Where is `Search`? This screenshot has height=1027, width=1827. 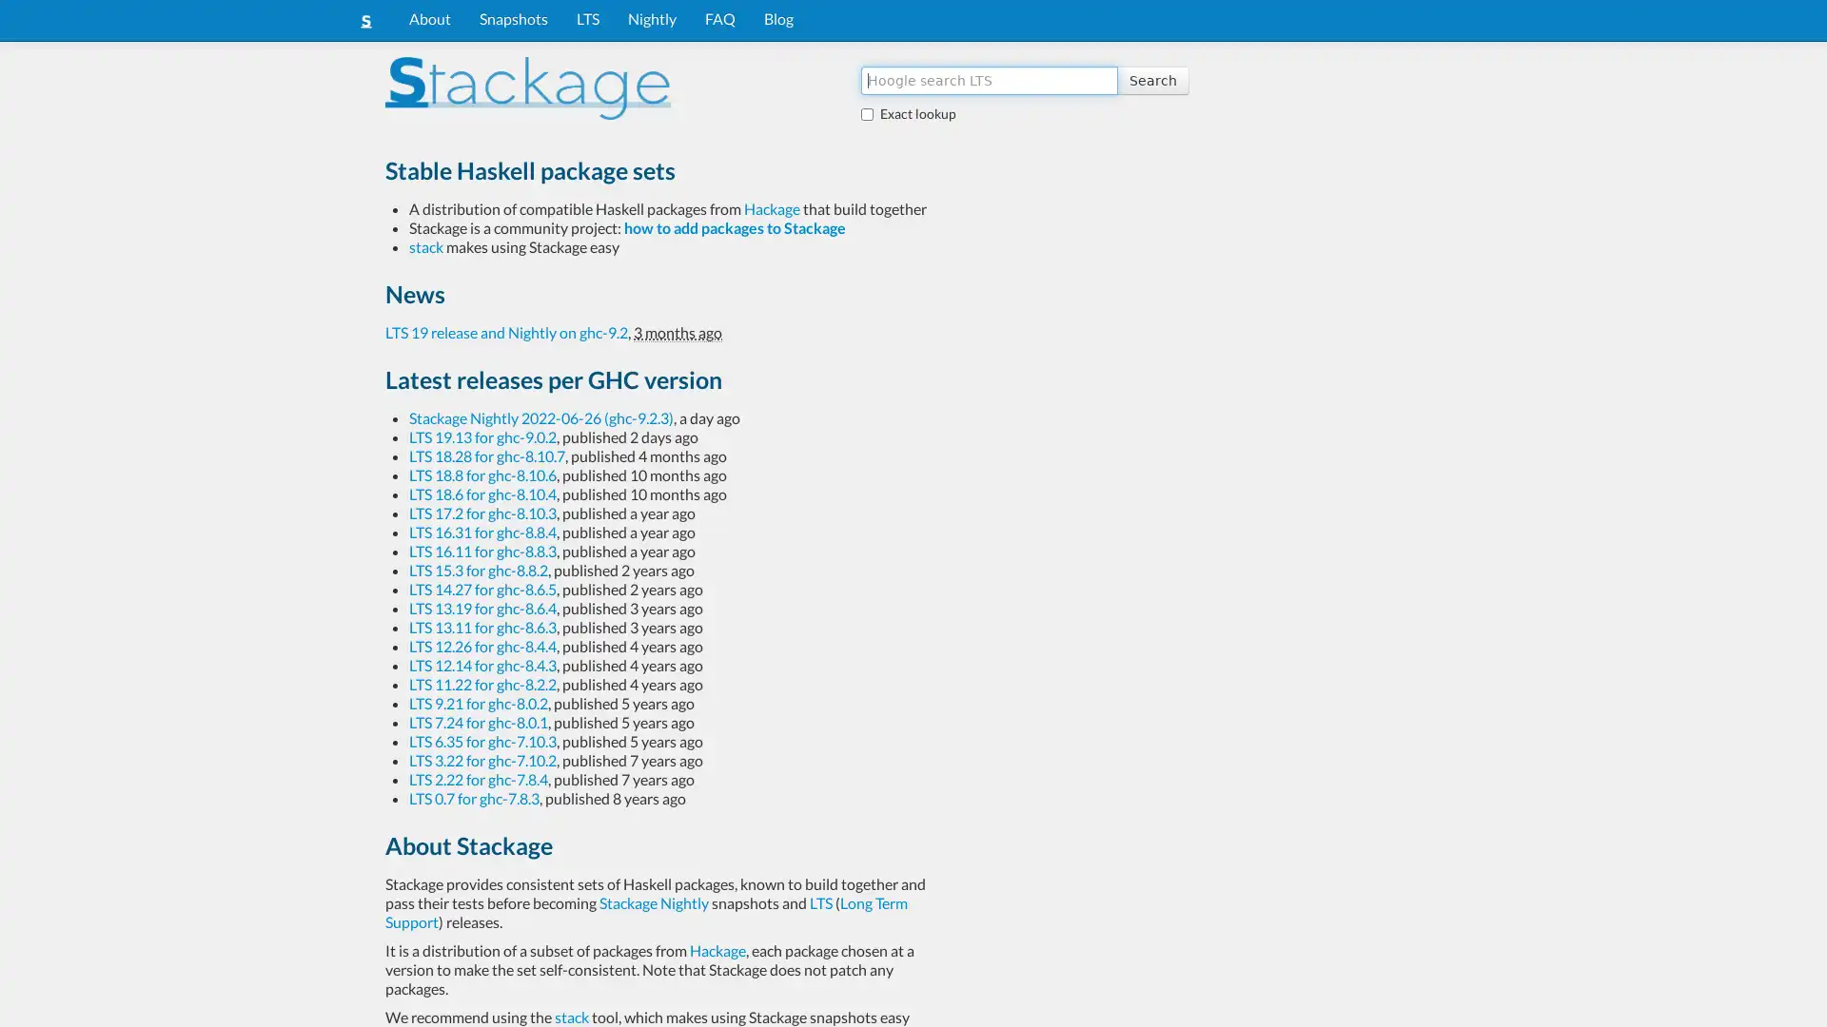 Search is located at coordinates (1151, 79).